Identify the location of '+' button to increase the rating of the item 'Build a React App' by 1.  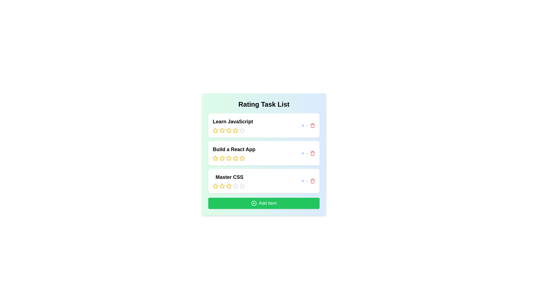
(303, 153).